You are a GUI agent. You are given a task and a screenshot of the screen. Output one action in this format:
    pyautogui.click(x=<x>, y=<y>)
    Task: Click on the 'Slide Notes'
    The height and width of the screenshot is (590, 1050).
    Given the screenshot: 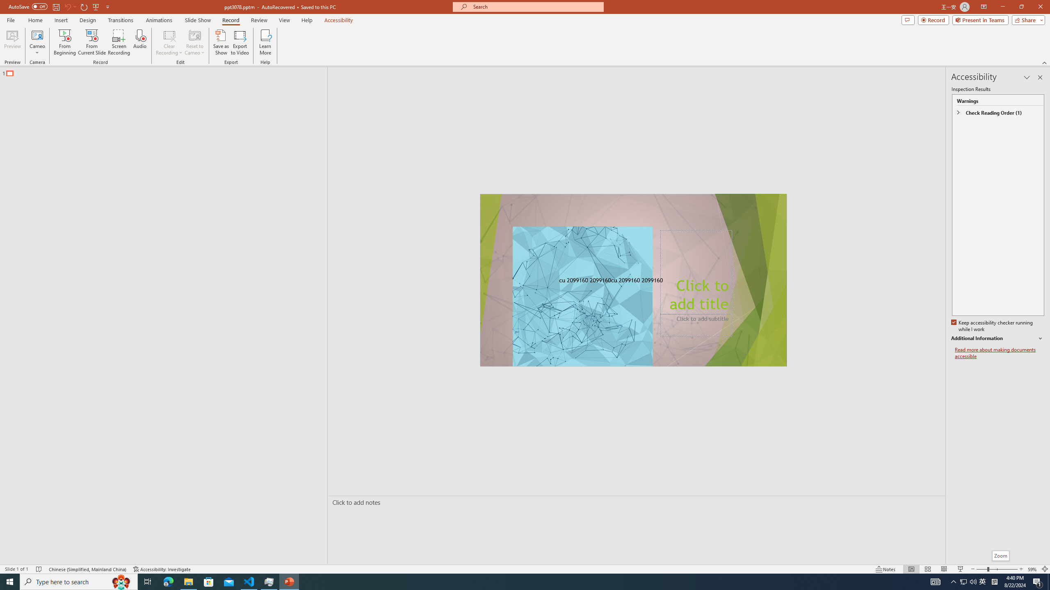 What is the action you would take?
    pyautogui.click(x=635, y=502)
    